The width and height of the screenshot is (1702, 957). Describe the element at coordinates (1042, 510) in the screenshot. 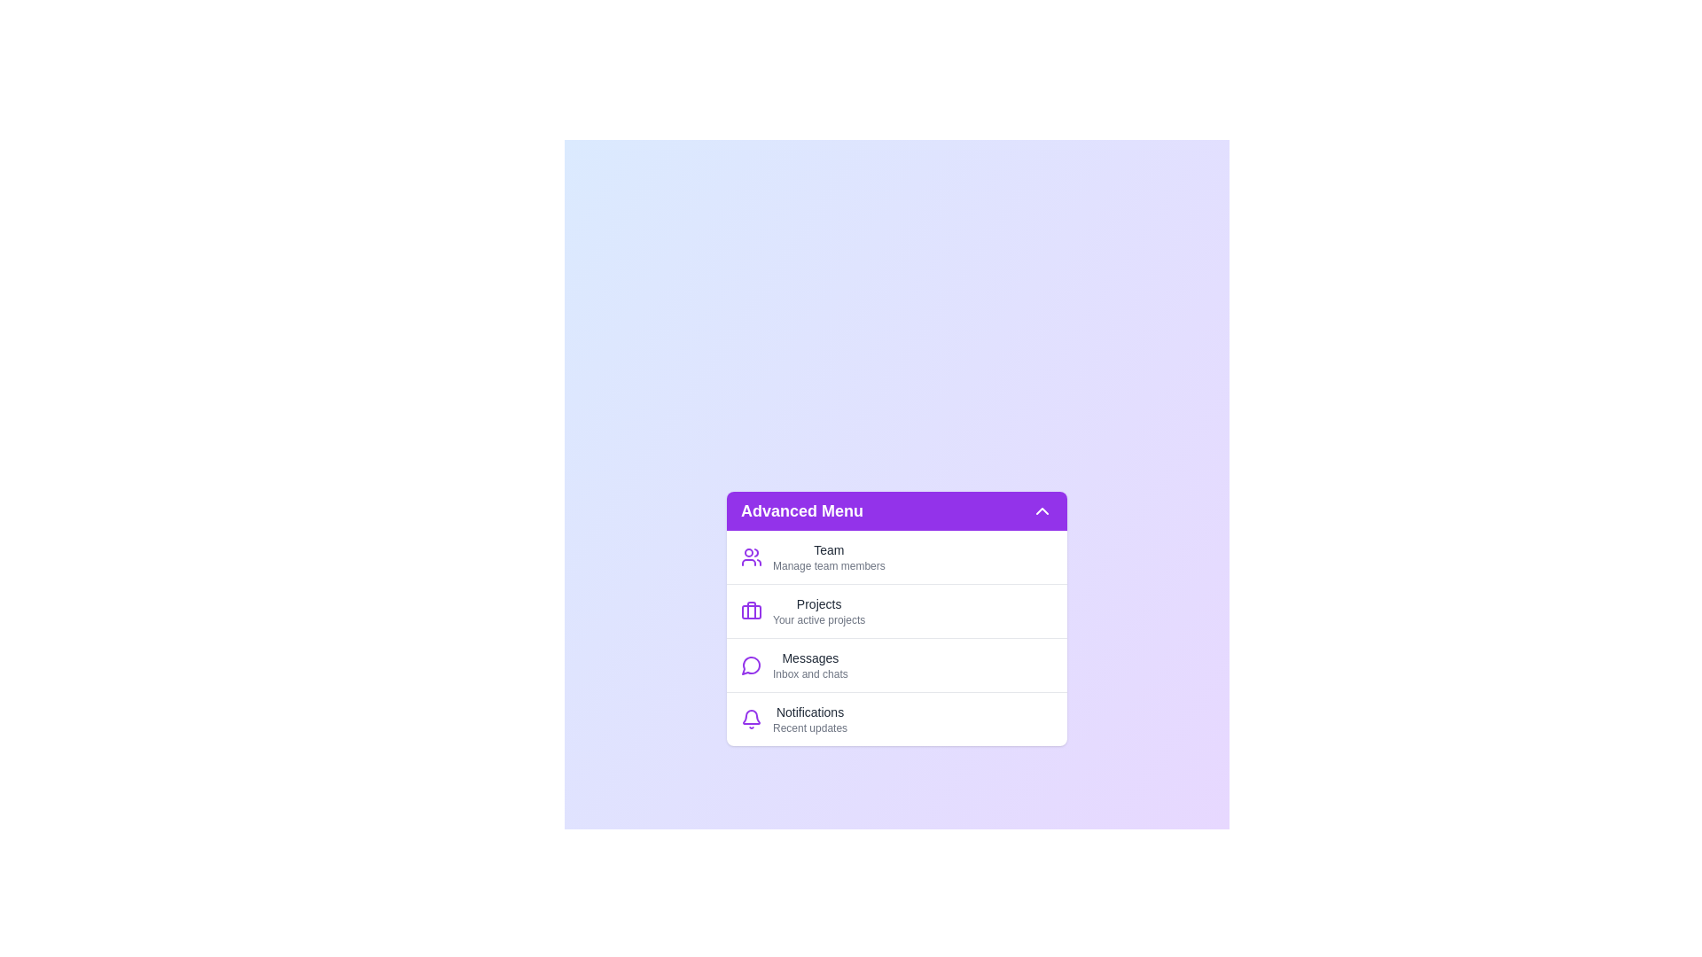

I see `toggle button to change the menu visibility` at that location.